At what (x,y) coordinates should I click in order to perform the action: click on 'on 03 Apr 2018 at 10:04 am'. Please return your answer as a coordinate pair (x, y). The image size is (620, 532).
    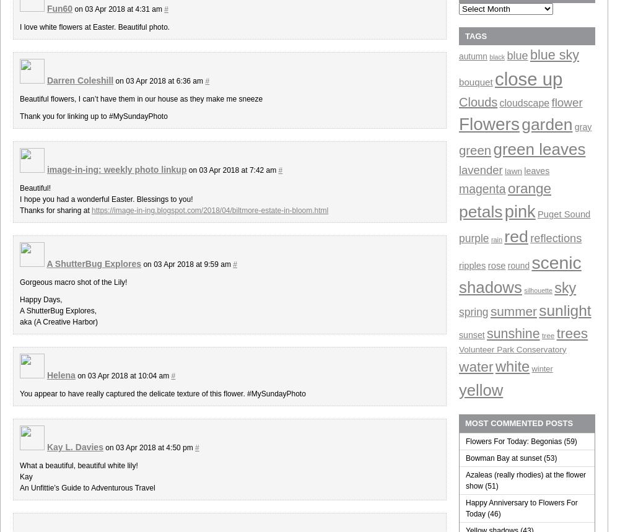
    Looking at the image, I should click on (123, 375).